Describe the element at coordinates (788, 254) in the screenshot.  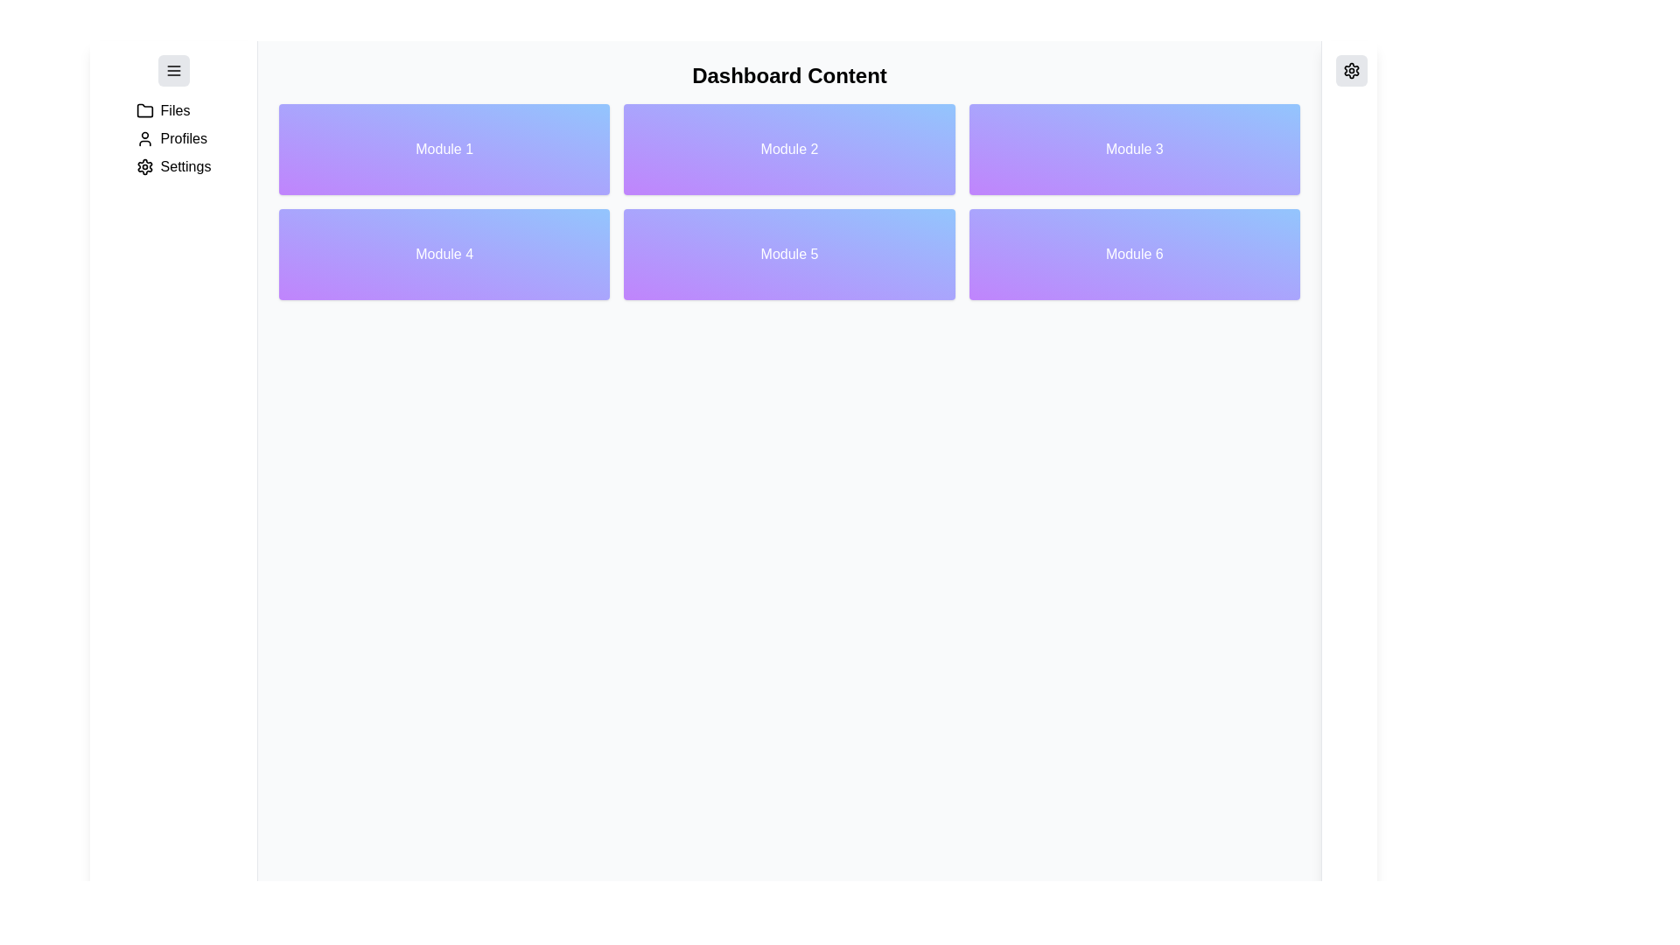
I see `the module selector button for 'Module 5' located in the middle column of the bottom row of a grid layout` at that location.